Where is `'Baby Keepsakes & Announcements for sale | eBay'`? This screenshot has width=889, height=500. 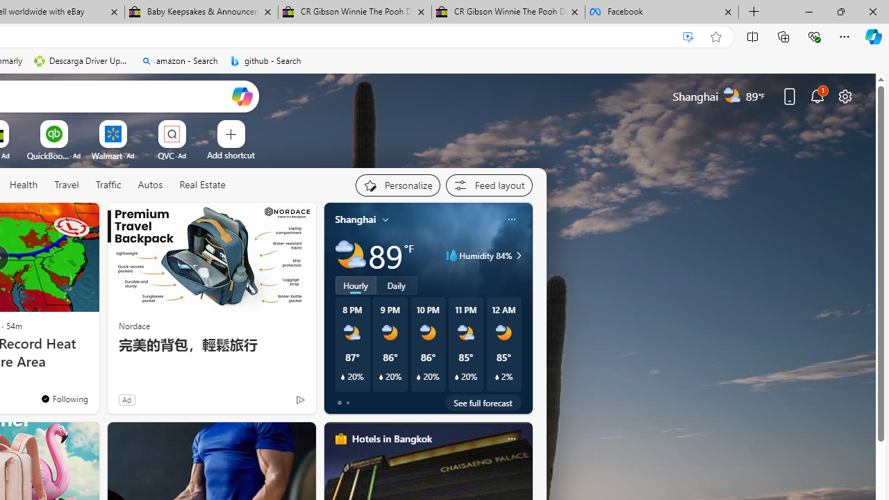
'Baby Keepsakes & Announcements for sale | eBay' is located at coordinates (201, 12).